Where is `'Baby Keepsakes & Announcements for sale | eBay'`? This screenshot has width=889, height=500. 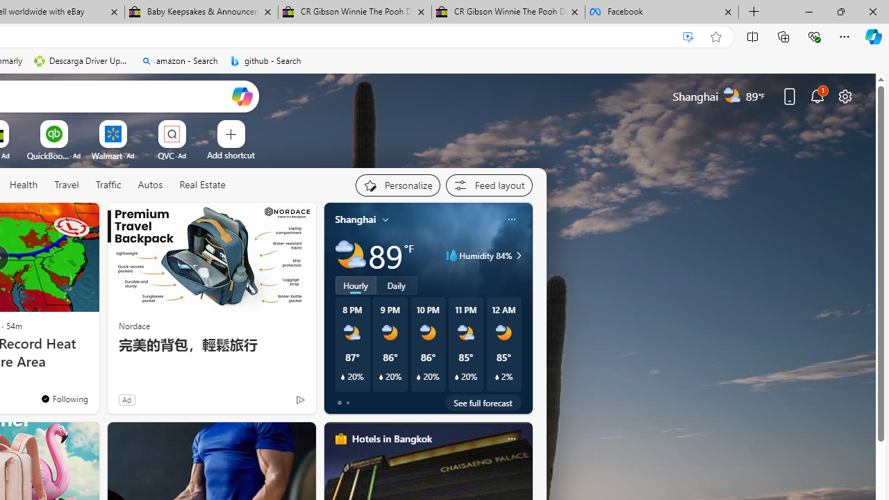
'Baby Keepsakes & Announcements for sale | eBay' is located at coordinates (201, 12).